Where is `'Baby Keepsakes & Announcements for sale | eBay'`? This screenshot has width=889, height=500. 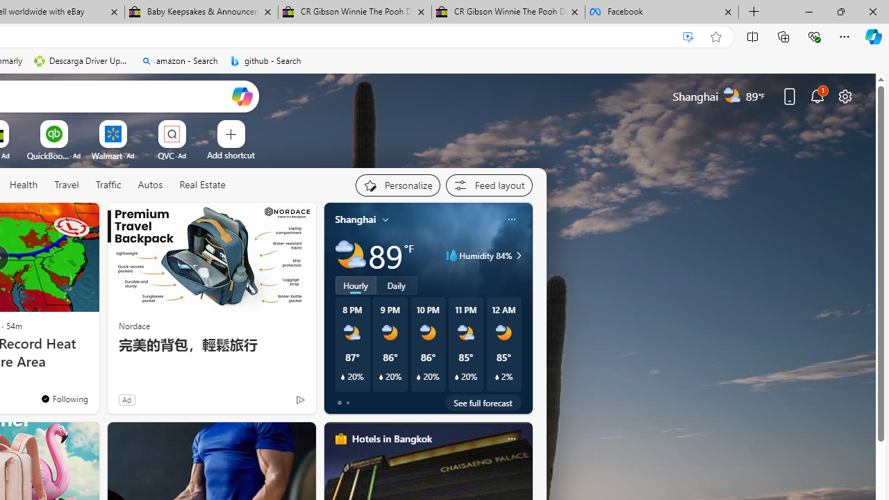
'Baby Keepsakes & Announcements for sale | eBay' is located at coordinates (201, 12).